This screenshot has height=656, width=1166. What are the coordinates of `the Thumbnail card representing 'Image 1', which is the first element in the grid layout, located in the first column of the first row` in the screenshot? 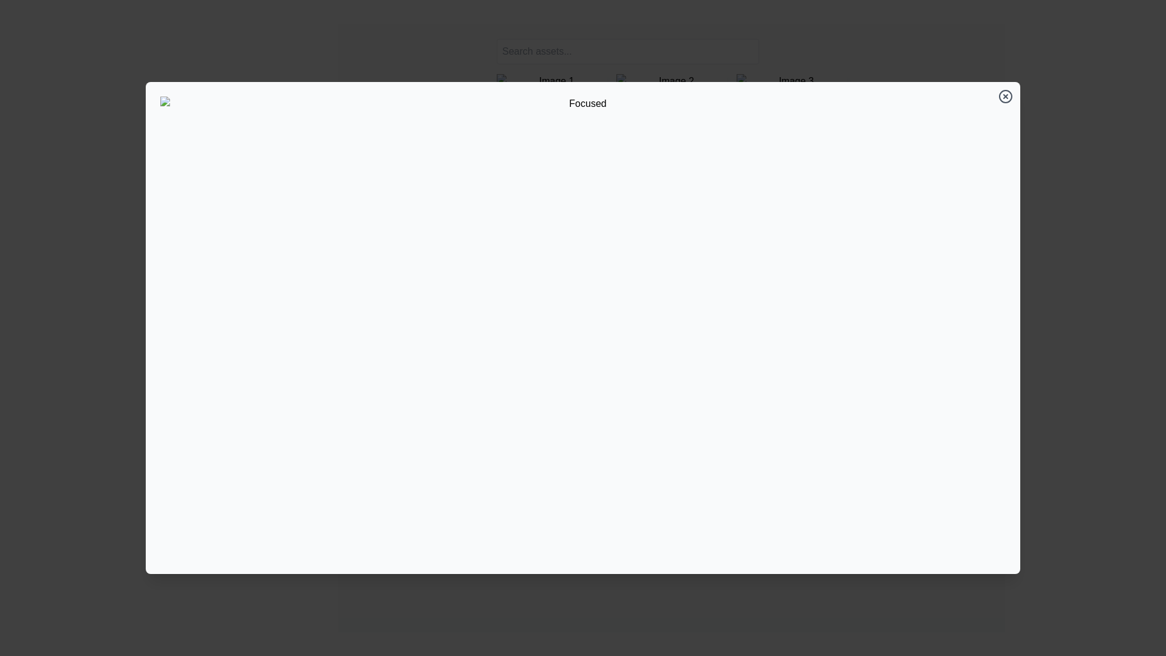 It's located at (551, 81).